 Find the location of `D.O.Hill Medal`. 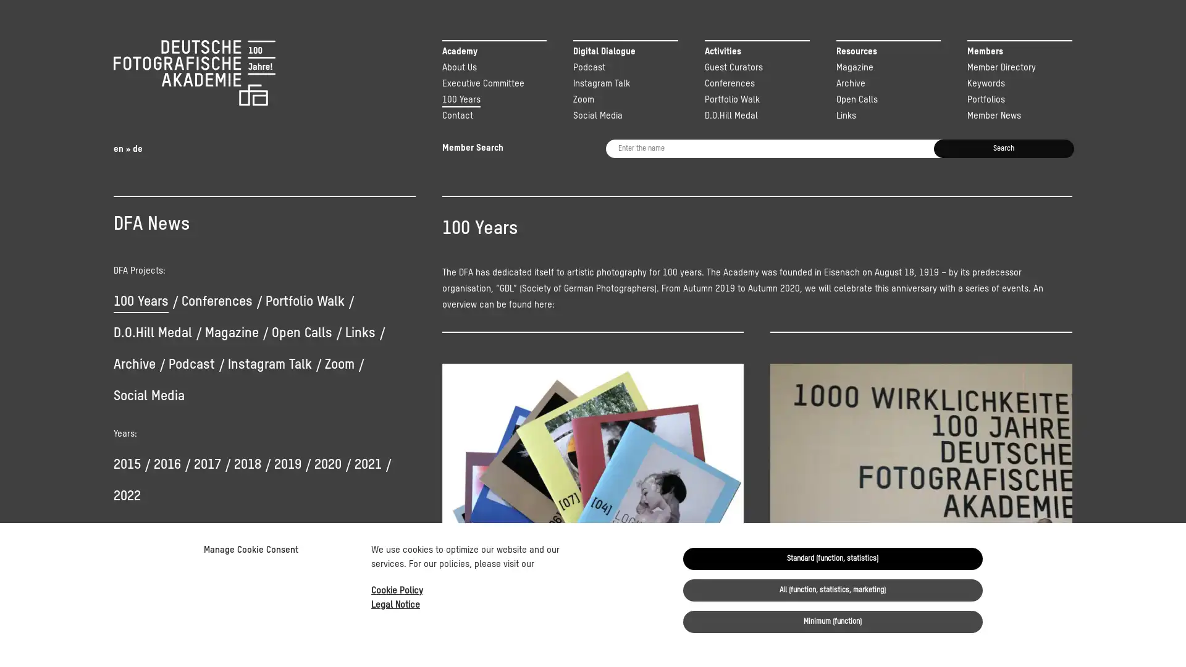

D.O.Hill Medal is located at coordinates (152, 333).